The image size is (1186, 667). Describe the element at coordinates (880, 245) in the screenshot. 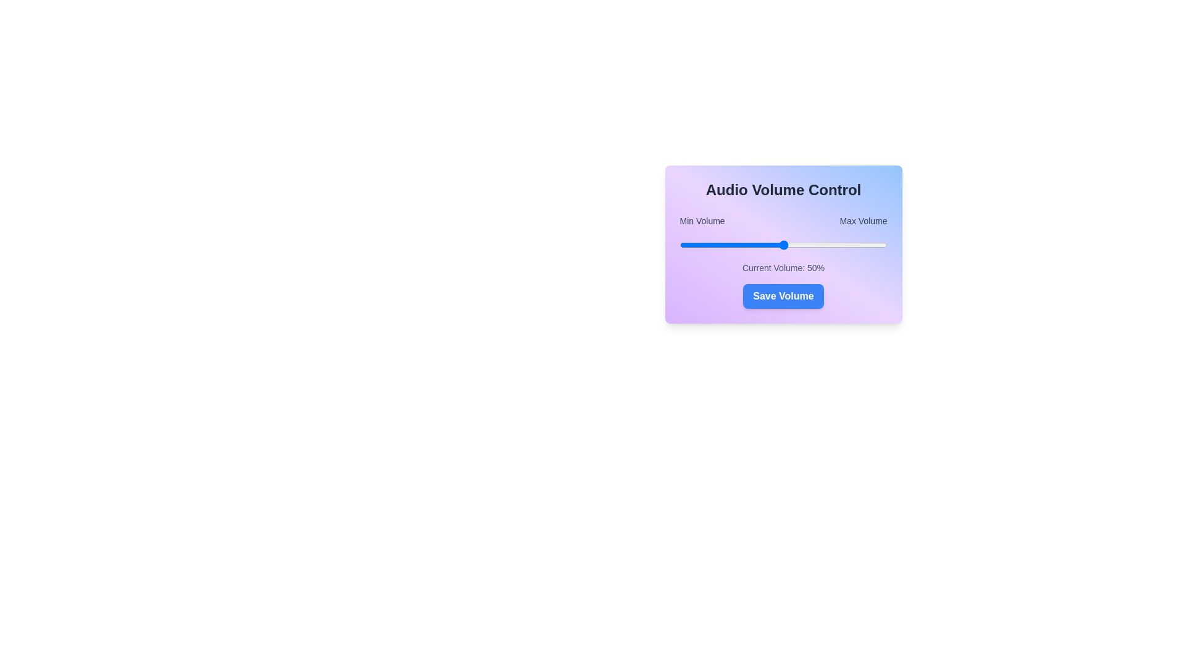

I see `the volume slider to set the volume to 97%` at that location.